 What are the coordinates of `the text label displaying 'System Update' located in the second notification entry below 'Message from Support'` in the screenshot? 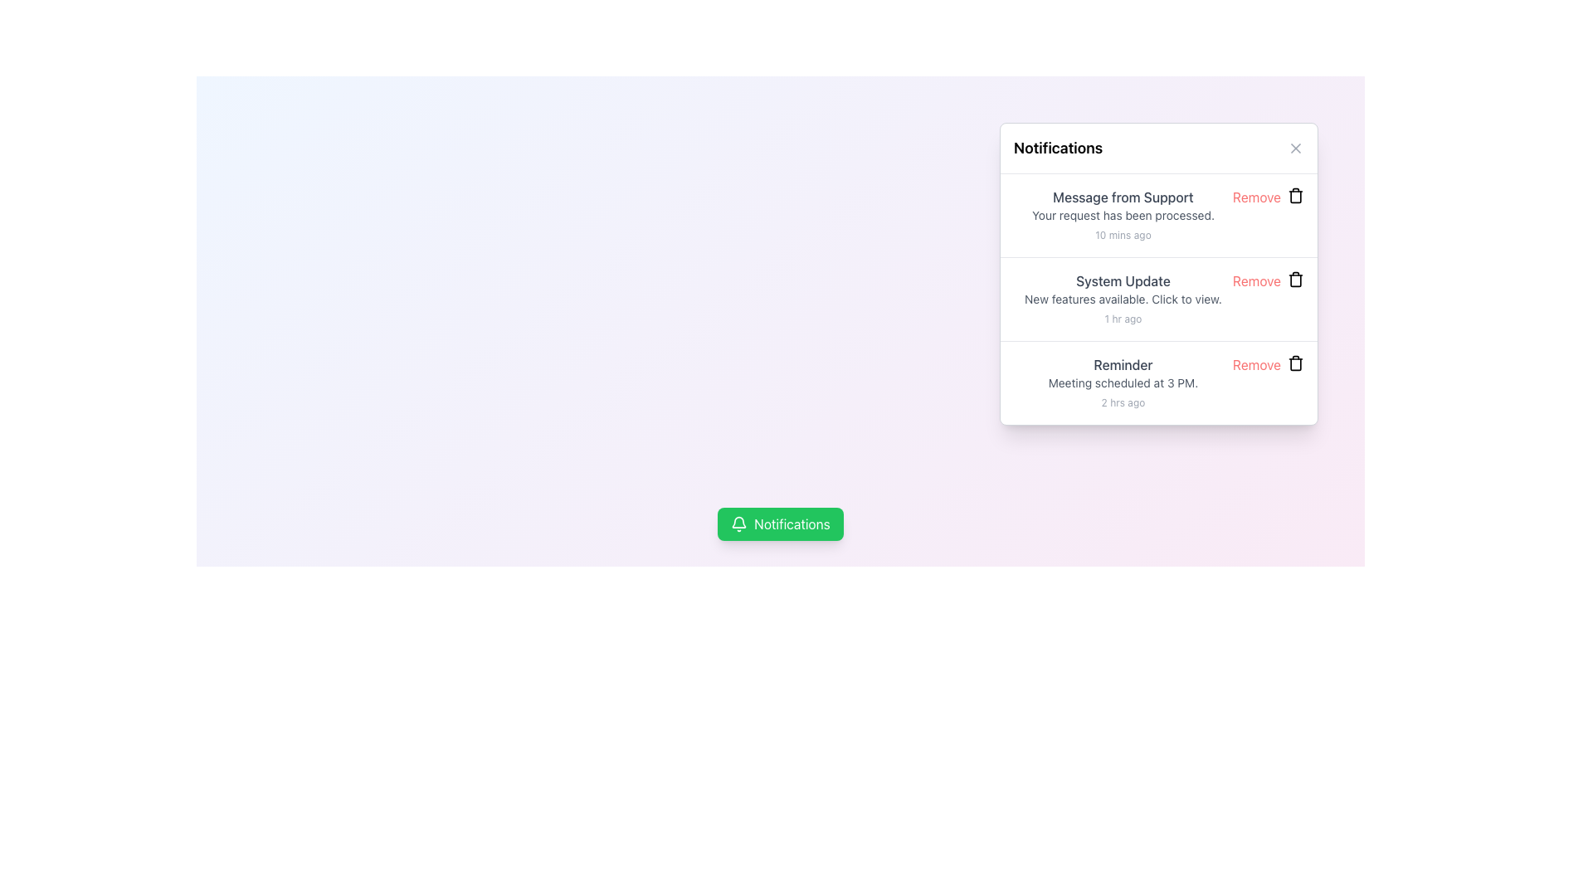 It's located at (1123, 280).